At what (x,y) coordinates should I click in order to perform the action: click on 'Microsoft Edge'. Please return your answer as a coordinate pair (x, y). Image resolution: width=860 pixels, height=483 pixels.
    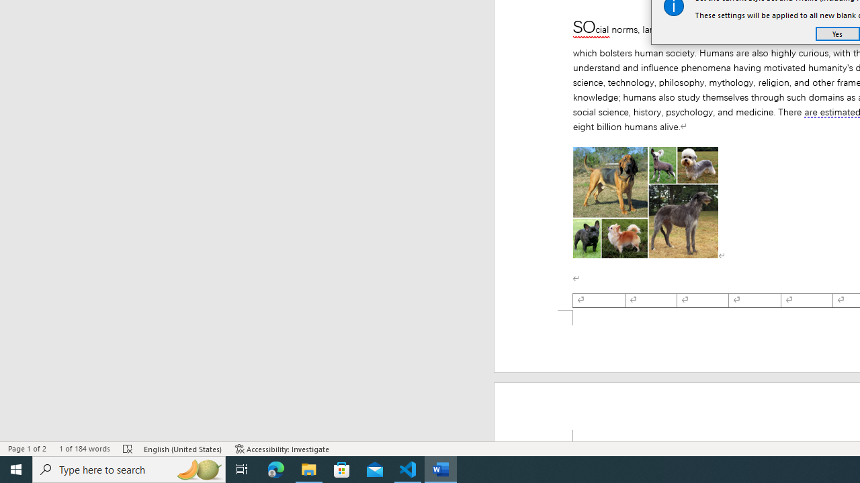
    Looking at the image, I should click on (275, 468).